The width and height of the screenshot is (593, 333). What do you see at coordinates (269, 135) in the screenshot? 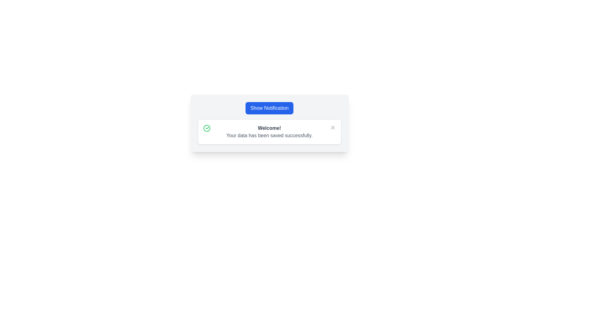
I see `informational message displayed in the text label located directly below the 'Welcome!' text in the notification box` at bounding box center [269, 135].